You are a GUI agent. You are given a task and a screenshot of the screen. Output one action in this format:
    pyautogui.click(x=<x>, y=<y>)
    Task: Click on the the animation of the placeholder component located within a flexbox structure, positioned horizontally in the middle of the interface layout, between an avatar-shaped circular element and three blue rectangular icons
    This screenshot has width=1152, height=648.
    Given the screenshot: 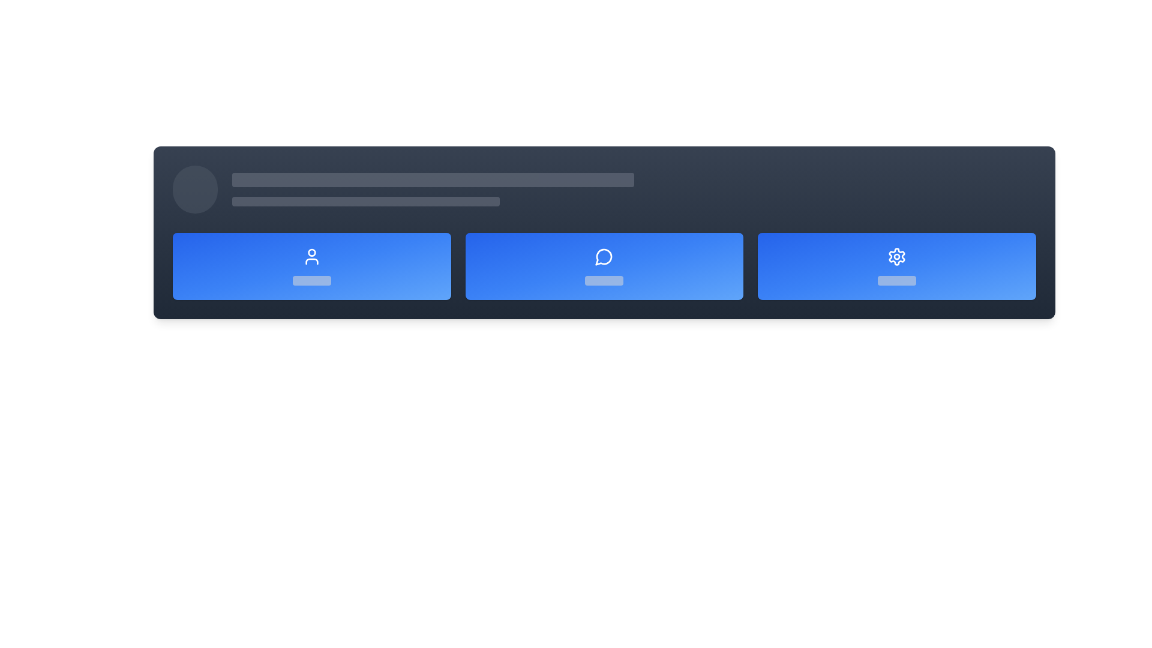 What is the action you would take?
    pyautogui.click(x=633, y=189)
    